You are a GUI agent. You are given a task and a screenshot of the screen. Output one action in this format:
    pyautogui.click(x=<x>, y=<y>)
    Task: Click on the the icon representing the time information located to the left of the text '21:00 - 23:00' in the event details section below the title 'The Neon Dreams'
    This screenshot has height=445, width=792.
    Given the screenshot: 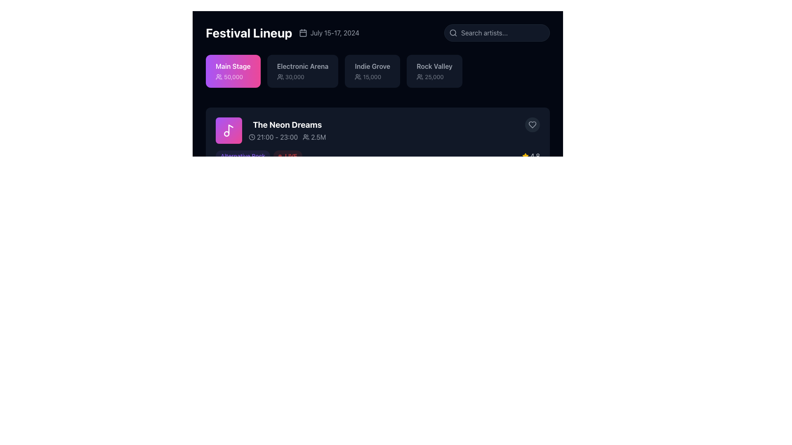 What is the action you would take?
    pyautogui.click(x=251, y=136)
    